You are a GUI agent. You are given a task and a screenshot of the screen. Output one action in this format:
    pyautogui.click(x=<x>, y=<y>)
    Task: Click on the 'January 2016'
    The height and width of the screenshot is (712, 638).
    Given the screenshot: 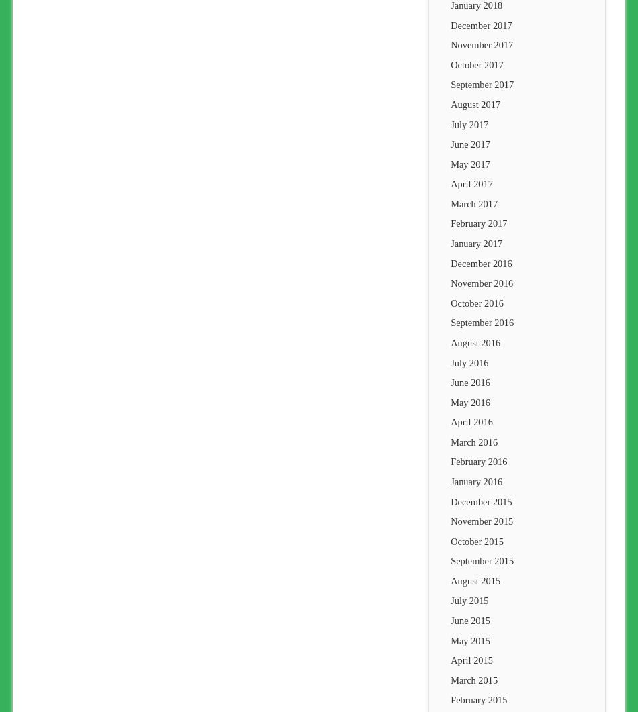 What is the action you would take?
    pyautogui.click(x=476, y=481)
    